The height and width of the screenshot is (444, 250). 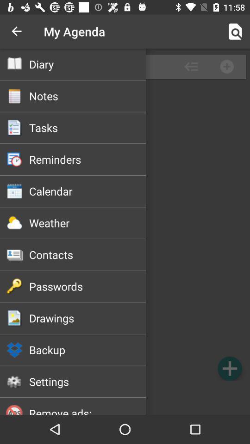 What do you see at coordinates (87, 410) in the screenshot?
I see `the item below the settings icon` at bounding box center [87, 410].